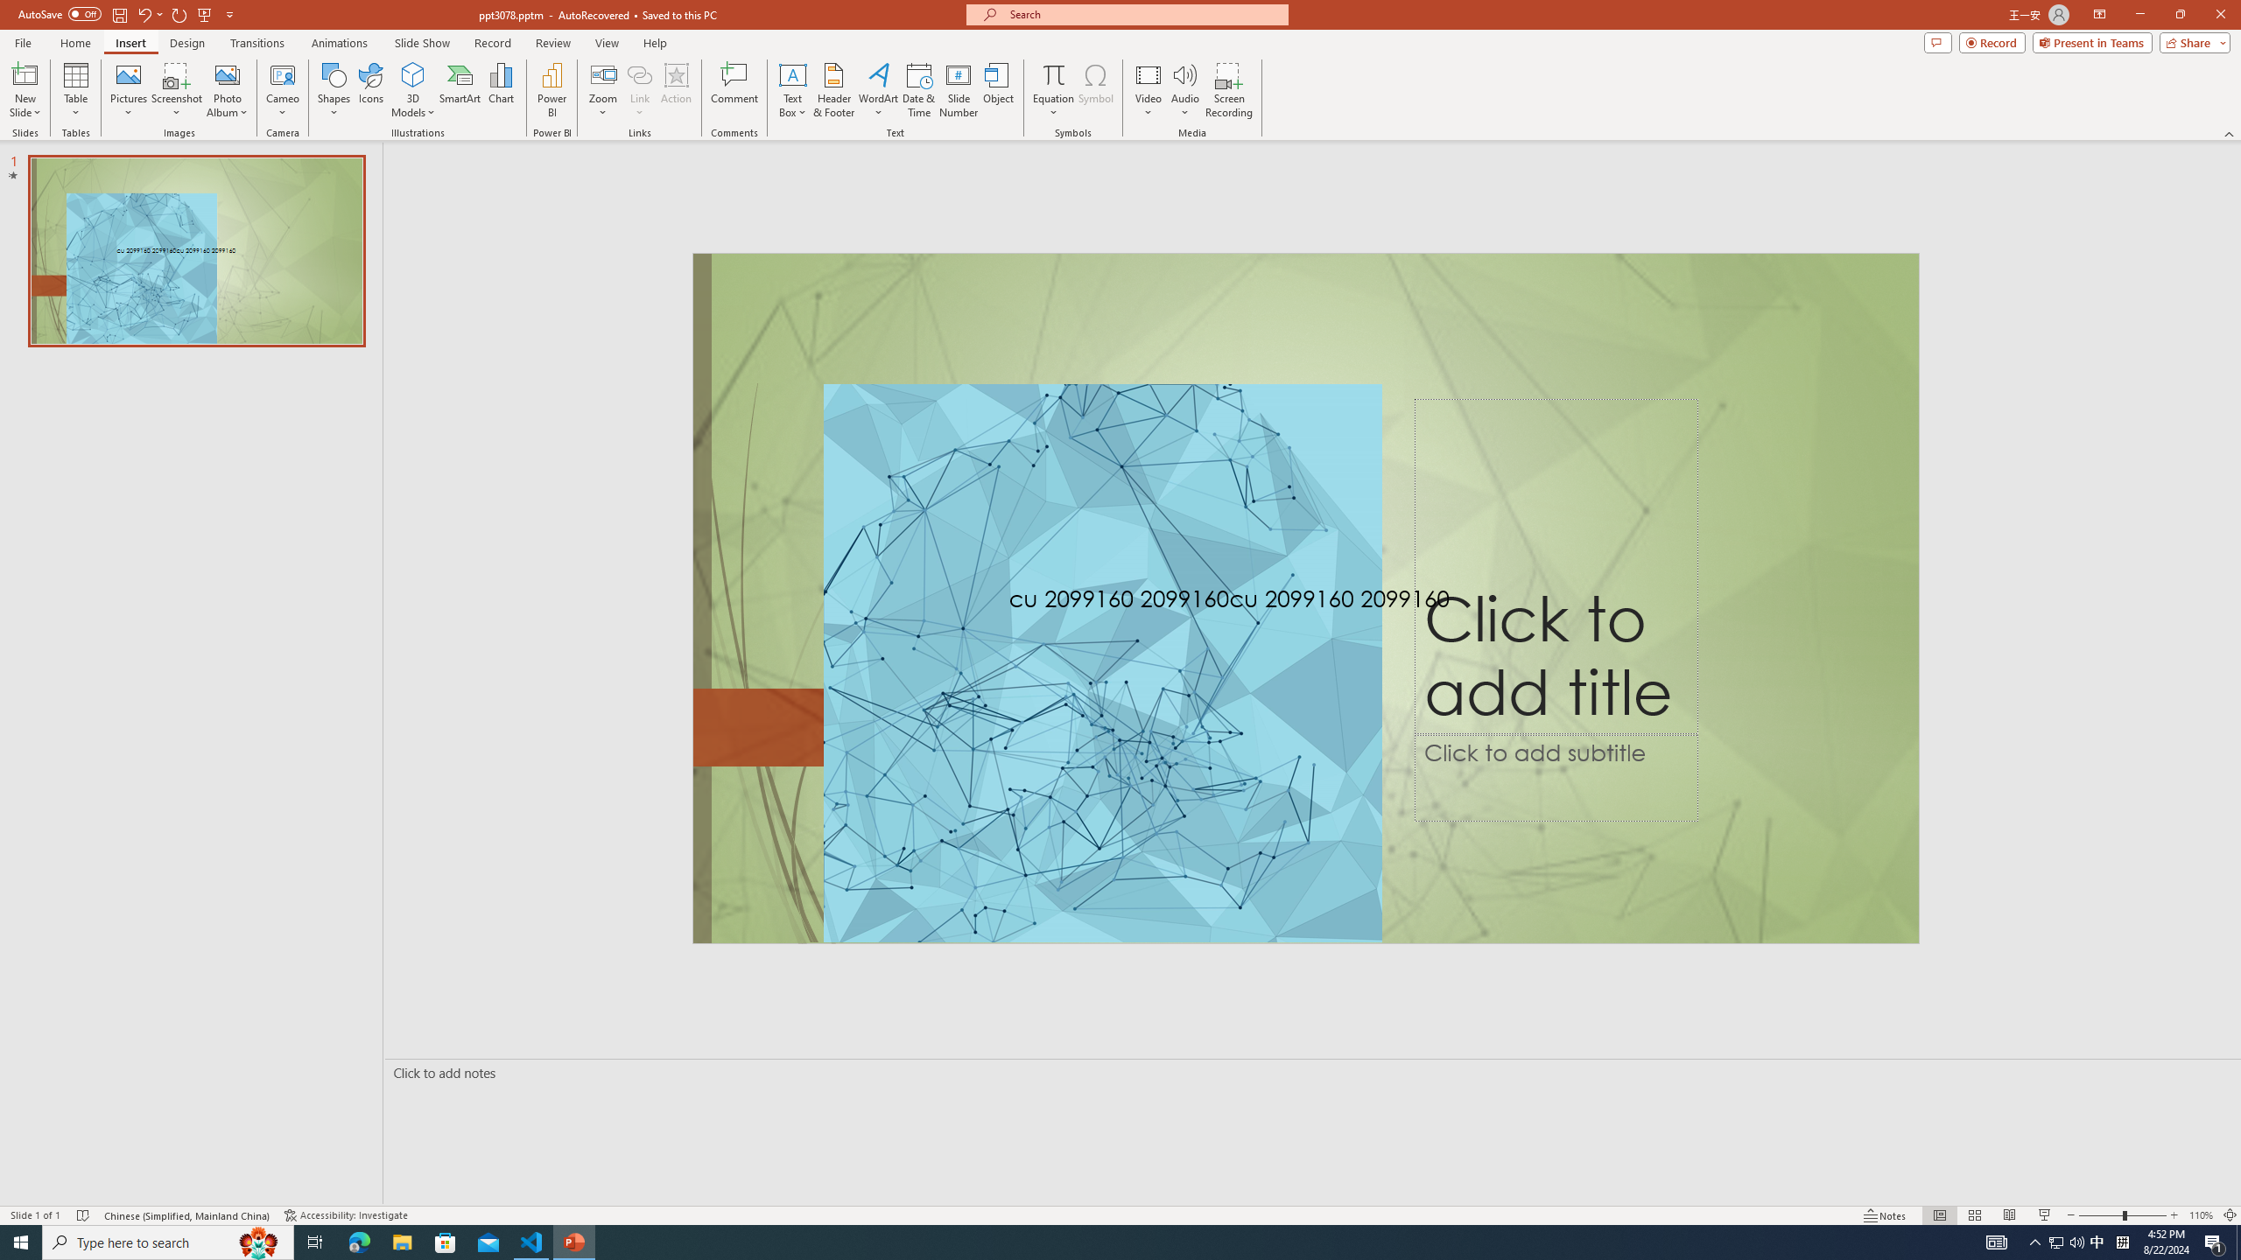 This screenshot has height=1260, width=2241. What do you see at coordinates (877, 90) in the screenshot?
I see `'WordArt'` at bounding box center [877, 90].